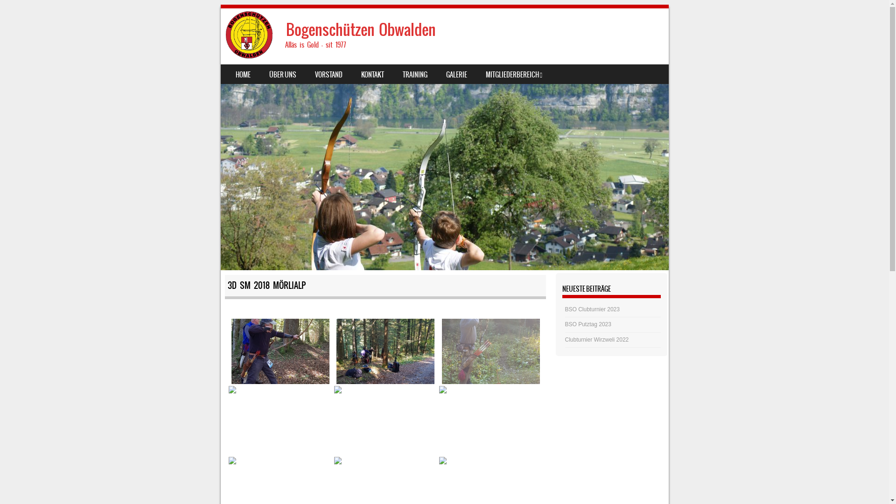  What do you see at coordinates (242, 70) in the screenshot?
I see `'SKIP TO CONTENT'` at bounding box center [242, 70].